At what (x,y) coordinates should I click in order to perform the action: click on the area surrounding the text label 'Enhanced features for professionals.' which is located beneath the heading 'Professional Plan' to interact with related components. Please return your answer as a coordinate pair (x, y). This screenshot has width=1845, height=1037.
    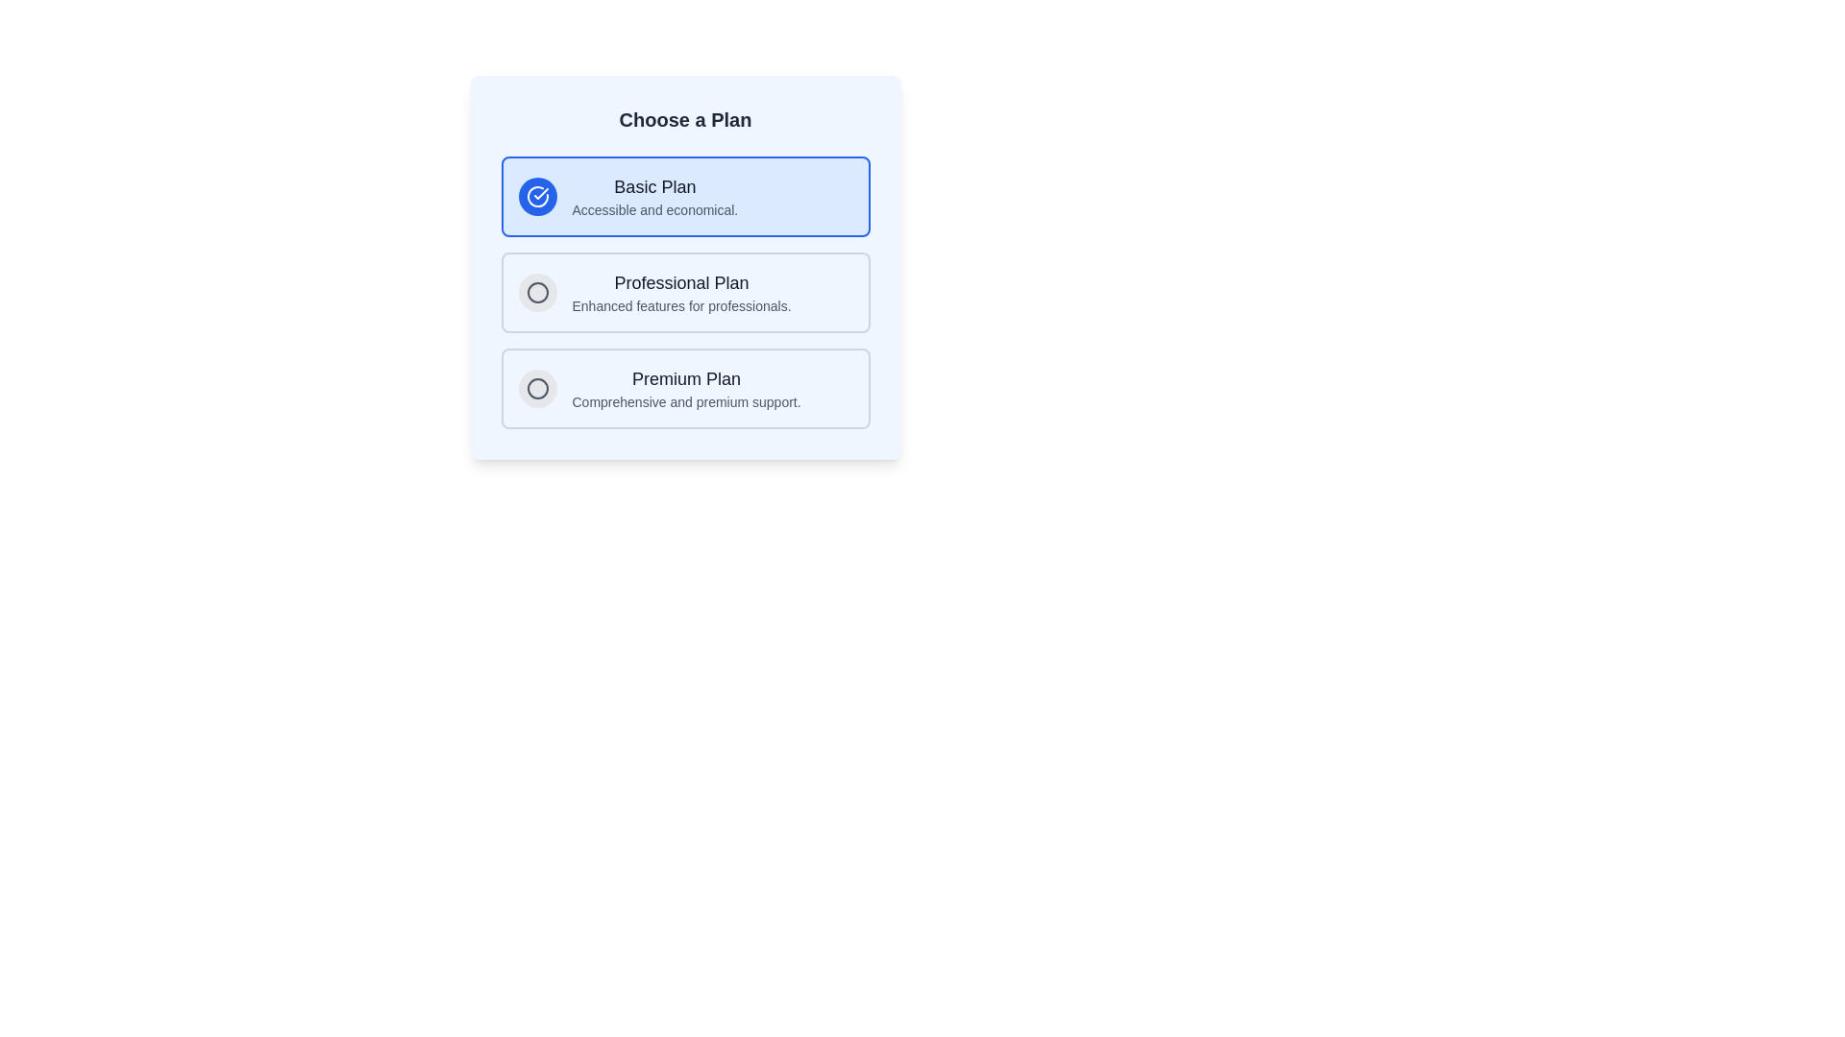
    Looking at the image, I should click on (681, 305).